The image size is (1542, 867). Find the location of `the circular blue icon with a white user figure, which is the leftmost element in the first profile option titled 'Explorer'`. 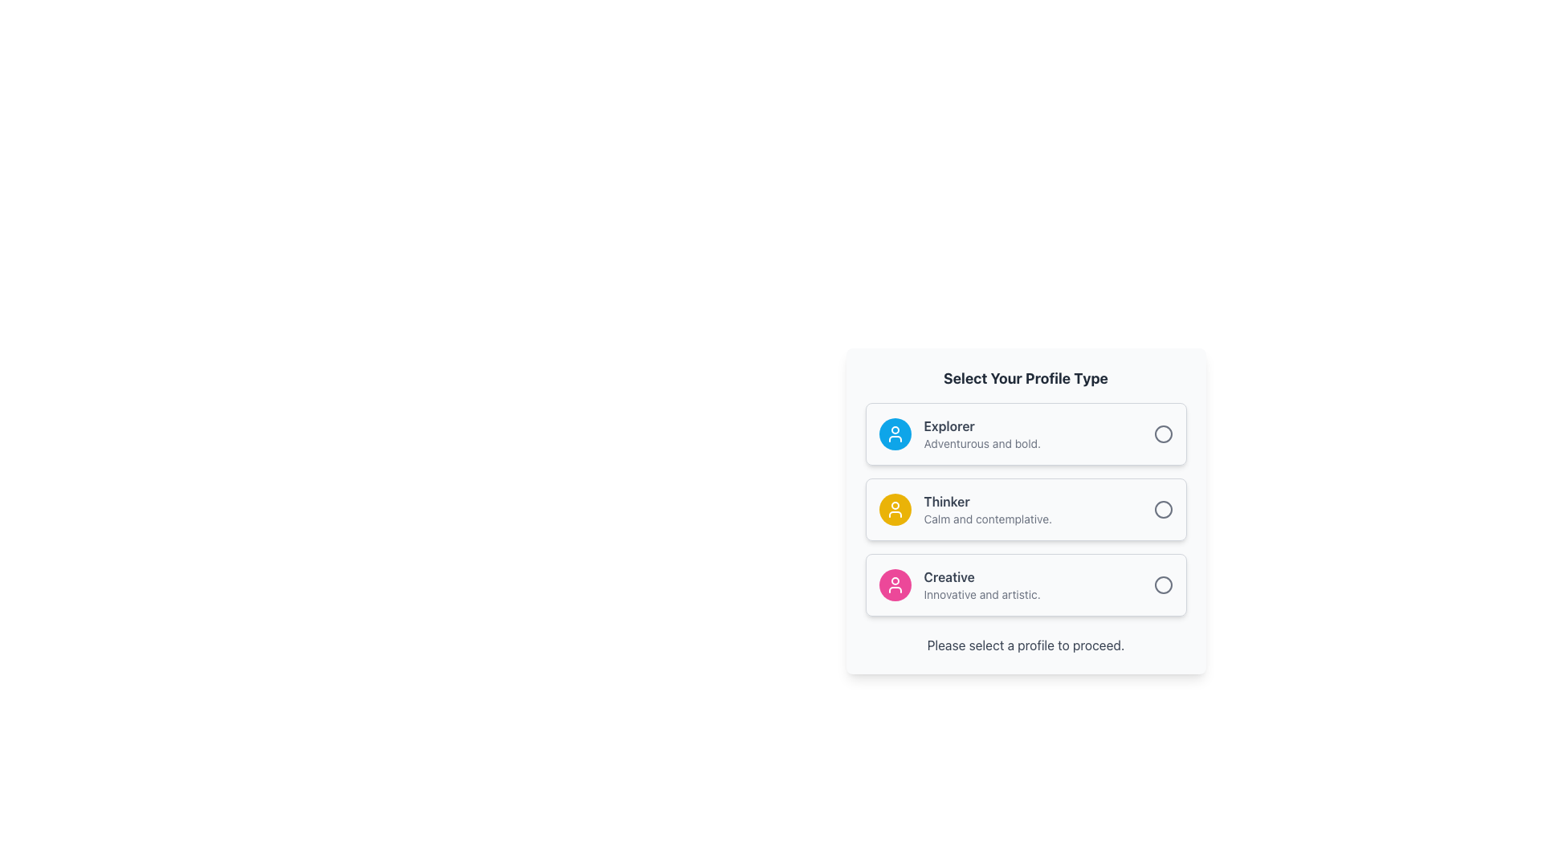

the circular blue icon with a white user figure, which is the leftmost element in the first profile option titled 'Explorer' is located at coordinates (894, 433).